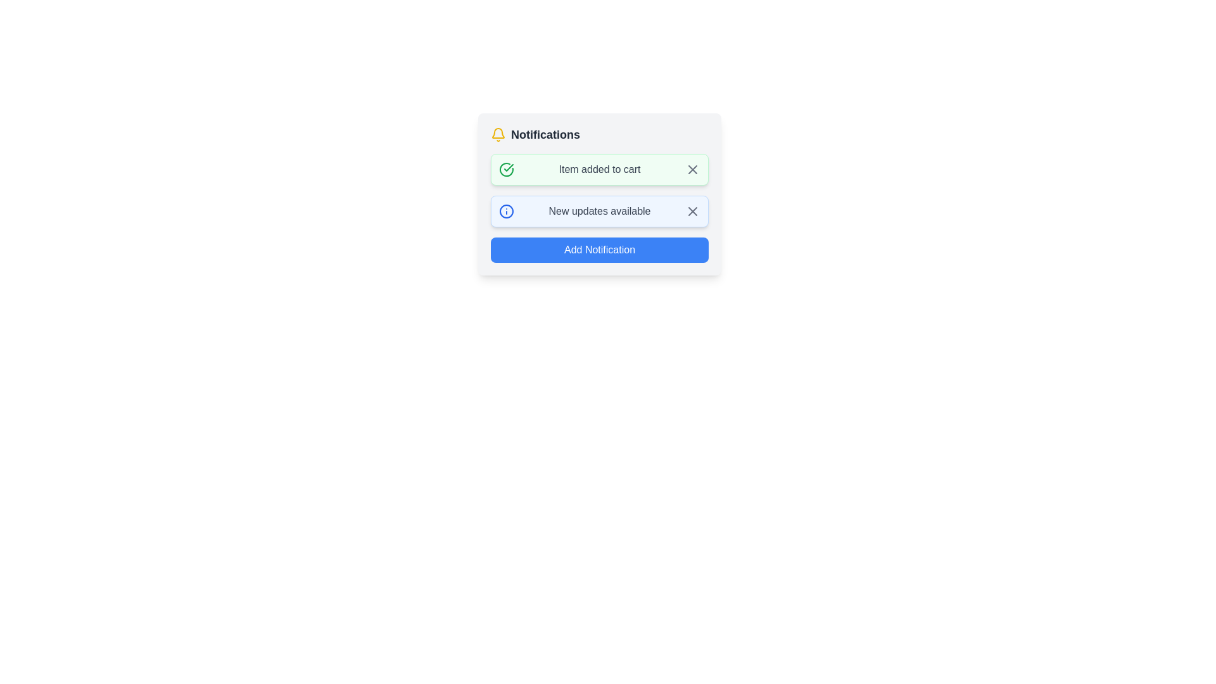  Describe the element at coordinates (598, 211) in the screenshot. I see `the information icon on the second notification regarding new updates, which is located directly below the 'Item added to cart' notification and above the 'Add Notification' button` at that location.